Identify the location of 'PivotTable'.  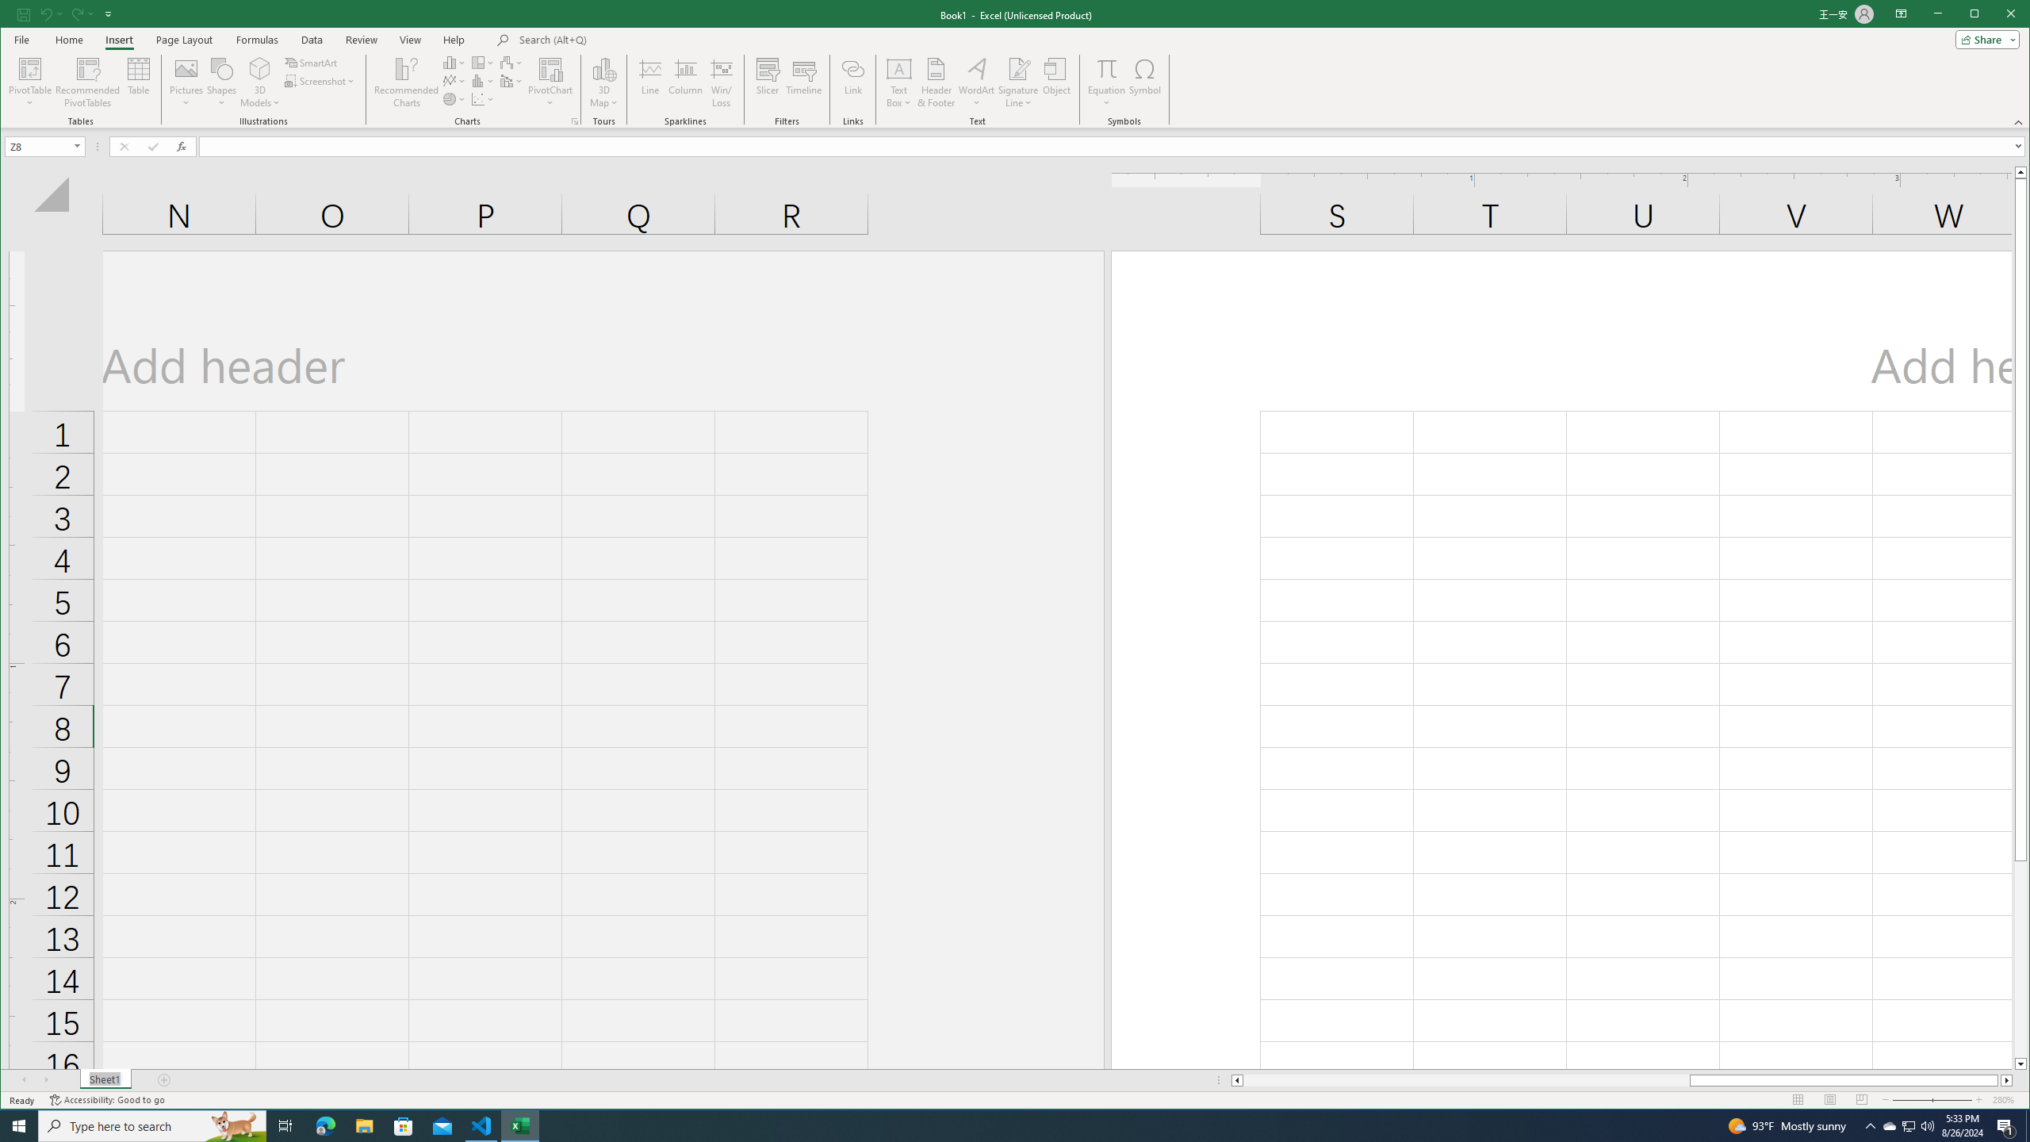
(30, 82).